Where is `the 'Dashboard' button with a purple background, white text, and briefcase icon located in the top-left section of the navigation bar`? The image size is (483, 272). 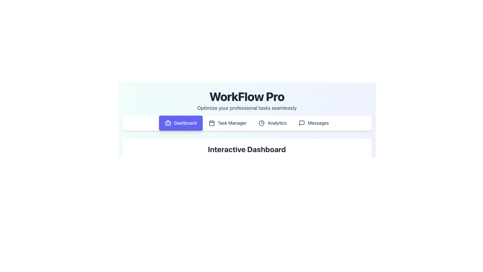 the 'Dashboard' button with a purple background, white text, and briefcase icon located in the top-left section of the navigation bar is located at coordinates (181, 123).